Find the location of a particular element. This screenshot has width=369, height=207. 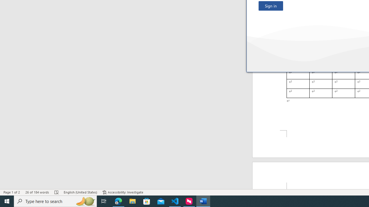

'Visual Studio Code - 1 running window' is located at coordinates (175, 201).